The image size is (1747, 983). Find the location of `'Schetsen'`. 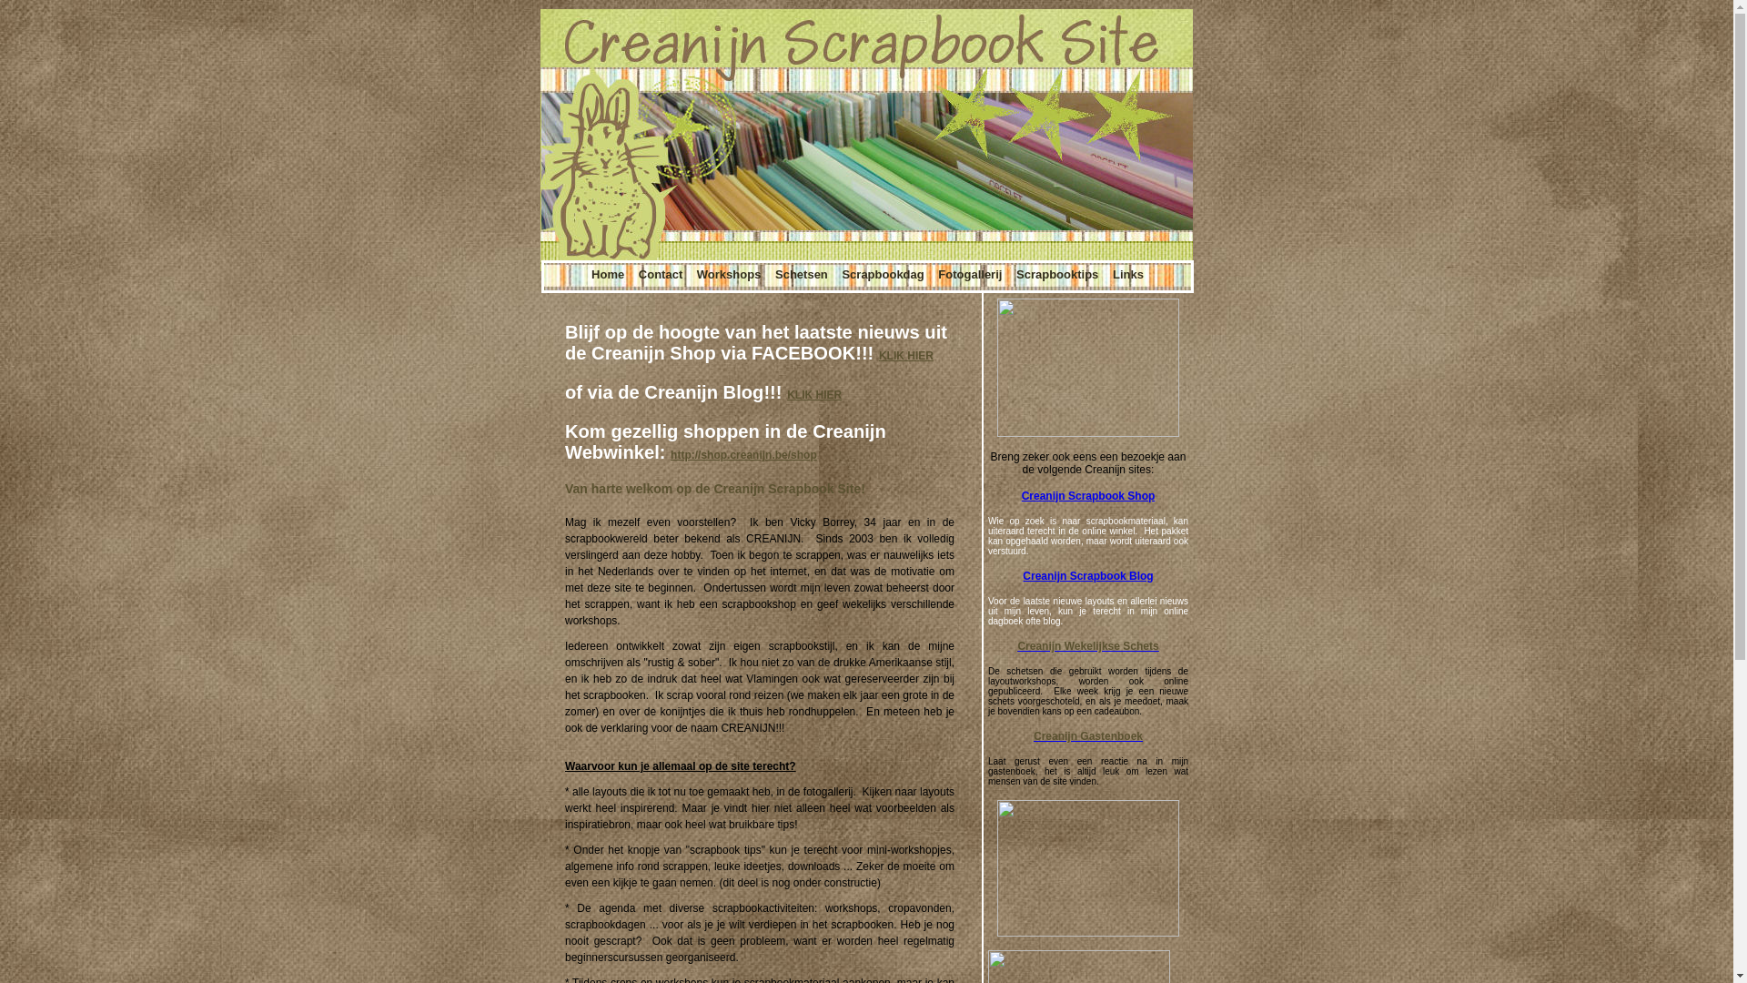

'Schetsen' is located at coordinates (802, 274).